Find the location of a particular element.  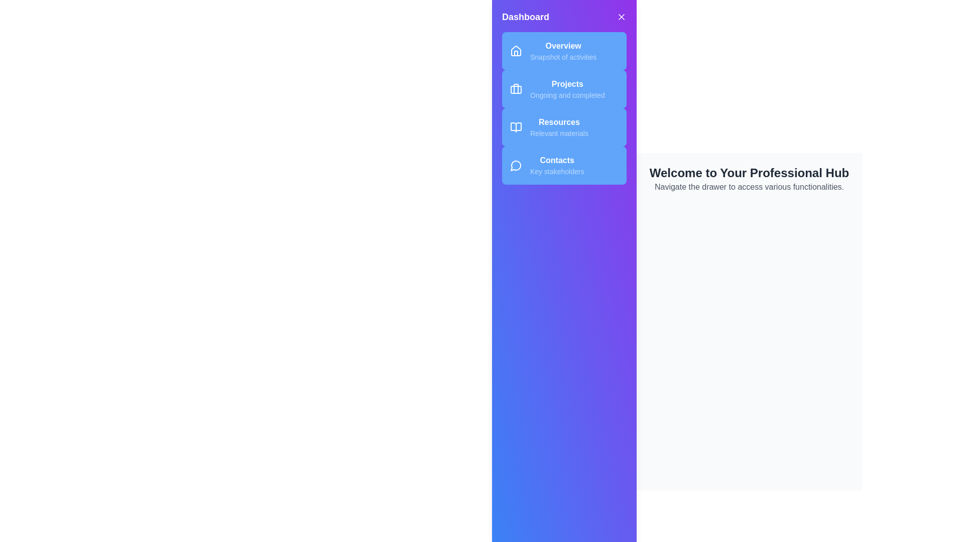

the menu item labeled Overview to observe its hover effect is located at coordinates (564, 51).